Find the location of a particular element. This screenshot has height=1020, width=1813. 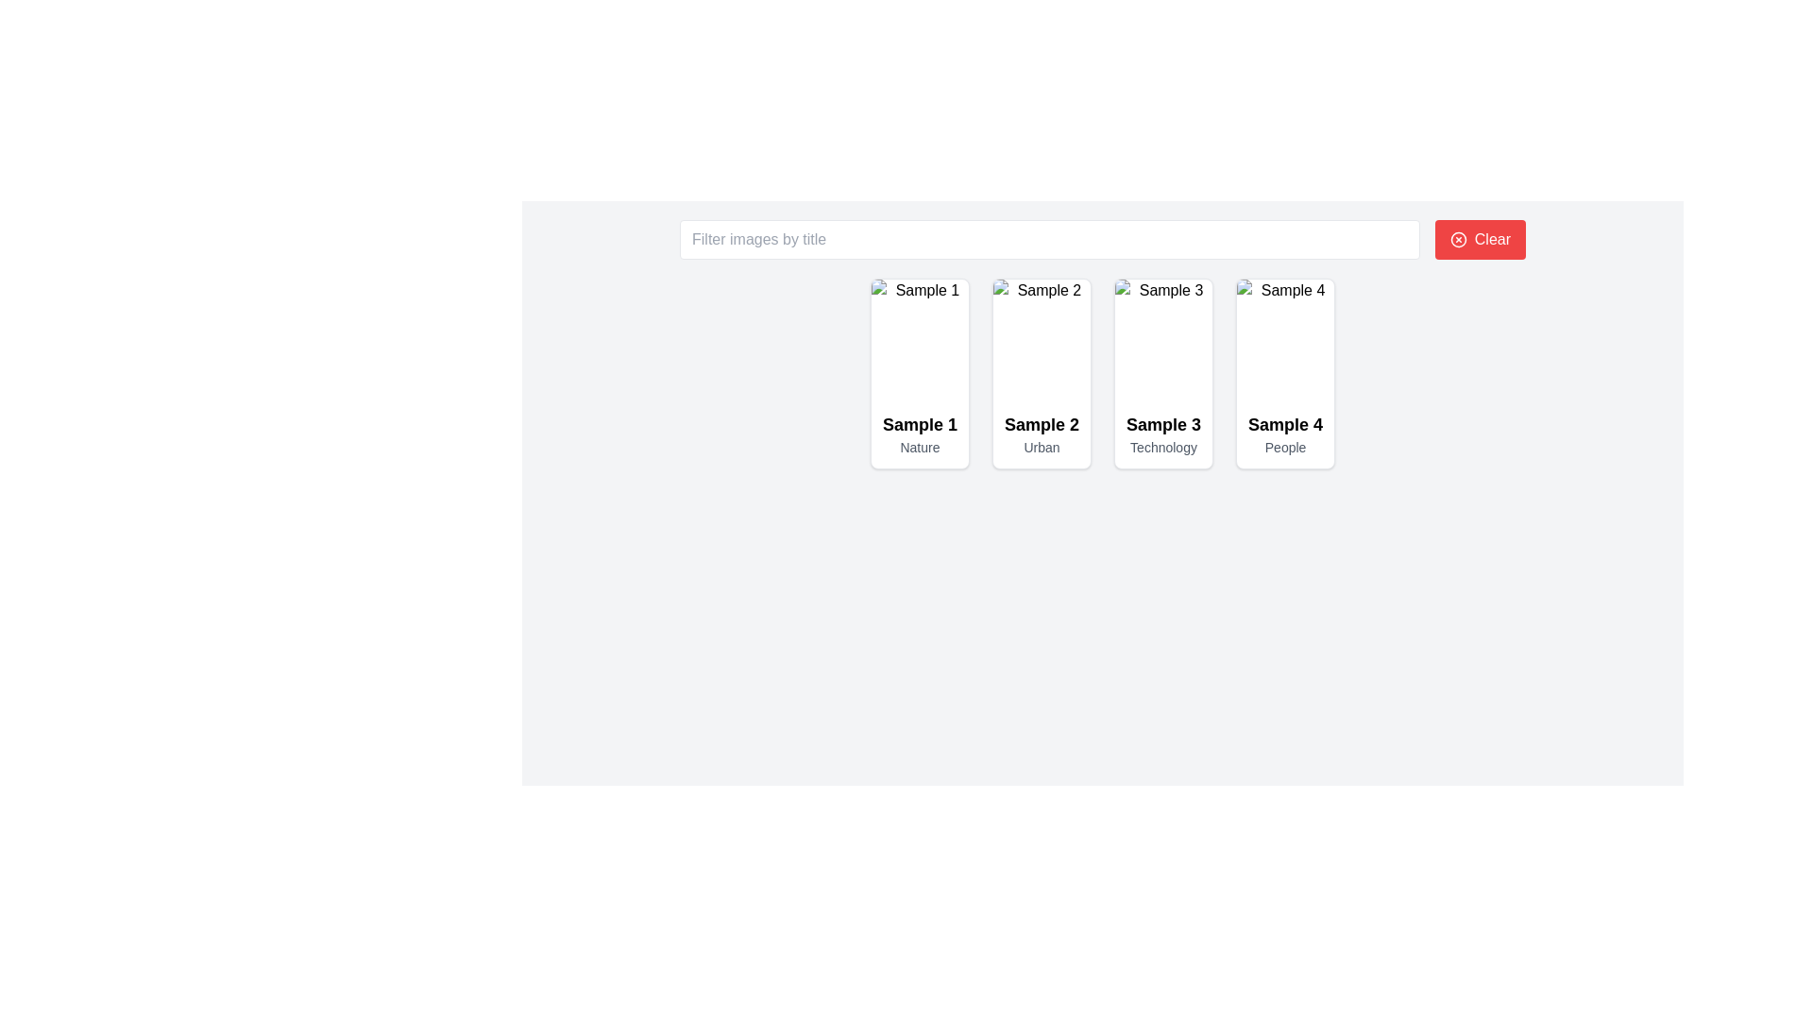

the Text Display Component which shows 'Sample 2' in bold and 'Urban' in smaller gray text, located in the second column of the grid layout is located at coordinates (1041, 433).